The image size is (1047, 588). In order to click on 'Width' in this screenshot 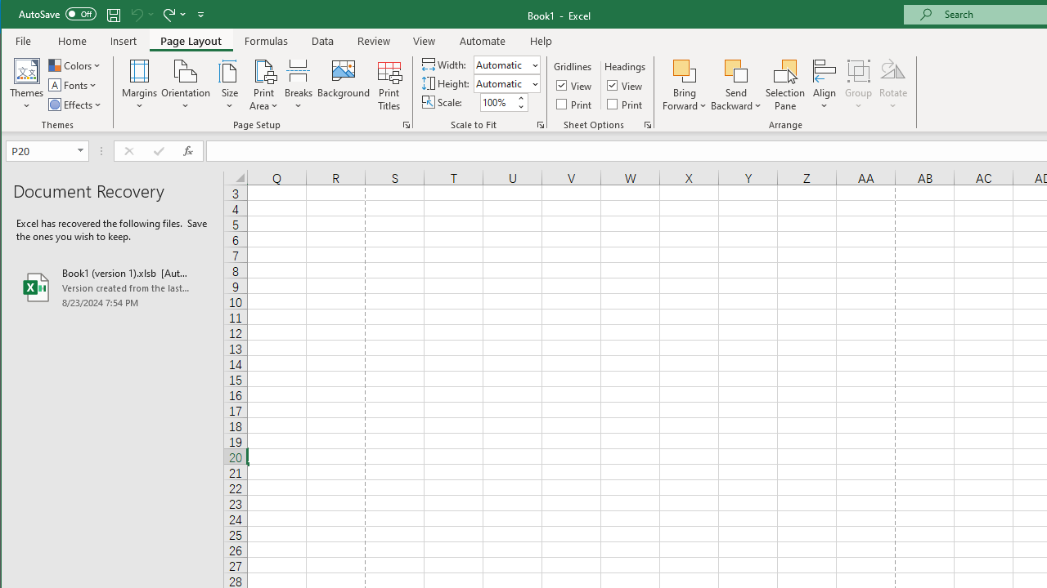, I will do `click(501, 64)`.